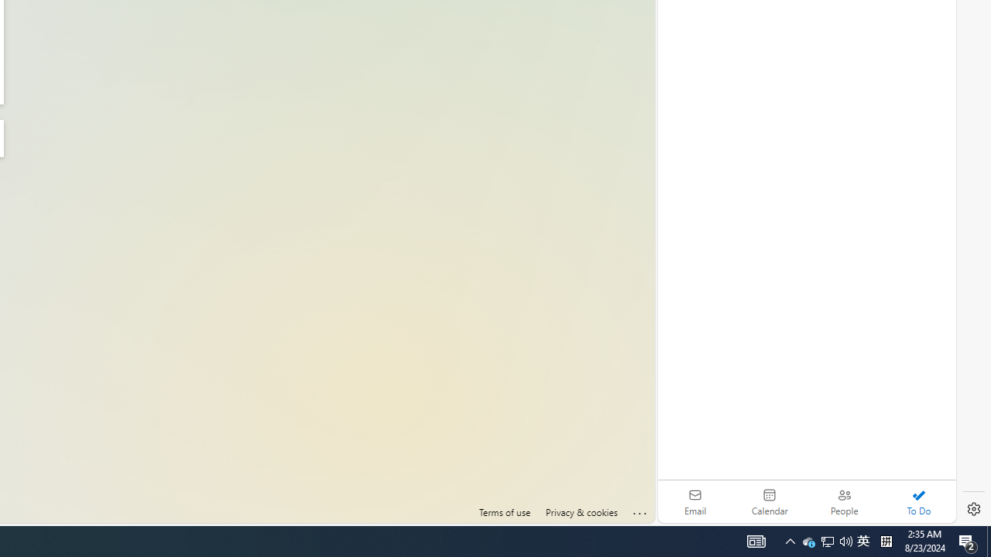 The height and width of the screenshot is (557, 991). I want to click on 'Click here for troubleshooting information', so click(640, 510).